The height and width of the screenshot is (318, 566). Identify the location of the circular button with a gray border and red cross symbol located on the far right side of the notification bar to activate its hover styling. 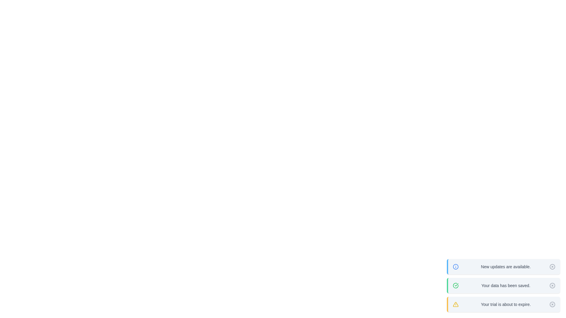
(552, 285).